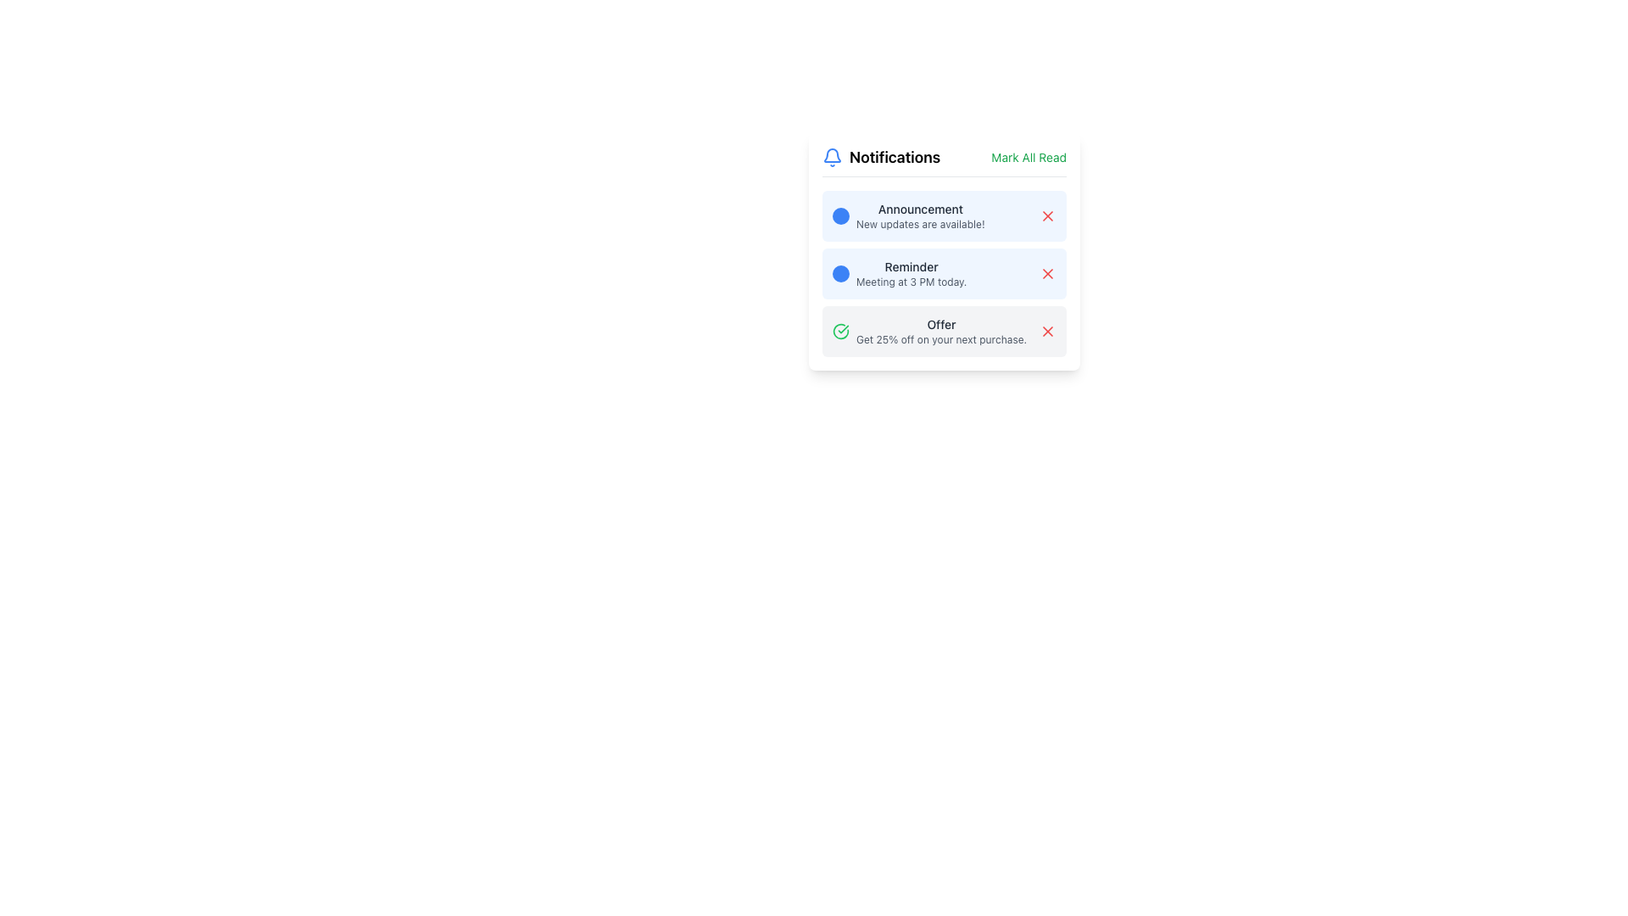 Image resolution: width=1628 pixels, height=916 pixels. What do you see at coordinates (911, 273) in the screenshot?
I see `the second notification in the notifications list within the modal` at bounding box center [911, 273].